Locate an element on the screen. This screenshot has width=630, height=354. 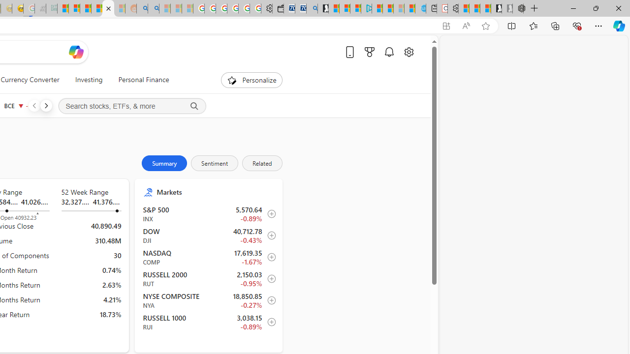
'Currency Converter' is located at coordinates (30, 80).